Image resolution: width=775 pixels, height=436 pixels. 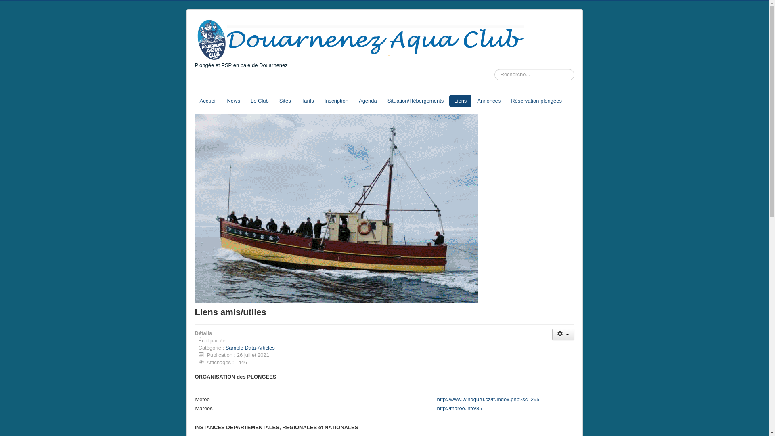 I want to click on 'Liens', so click(x=460, y=101).